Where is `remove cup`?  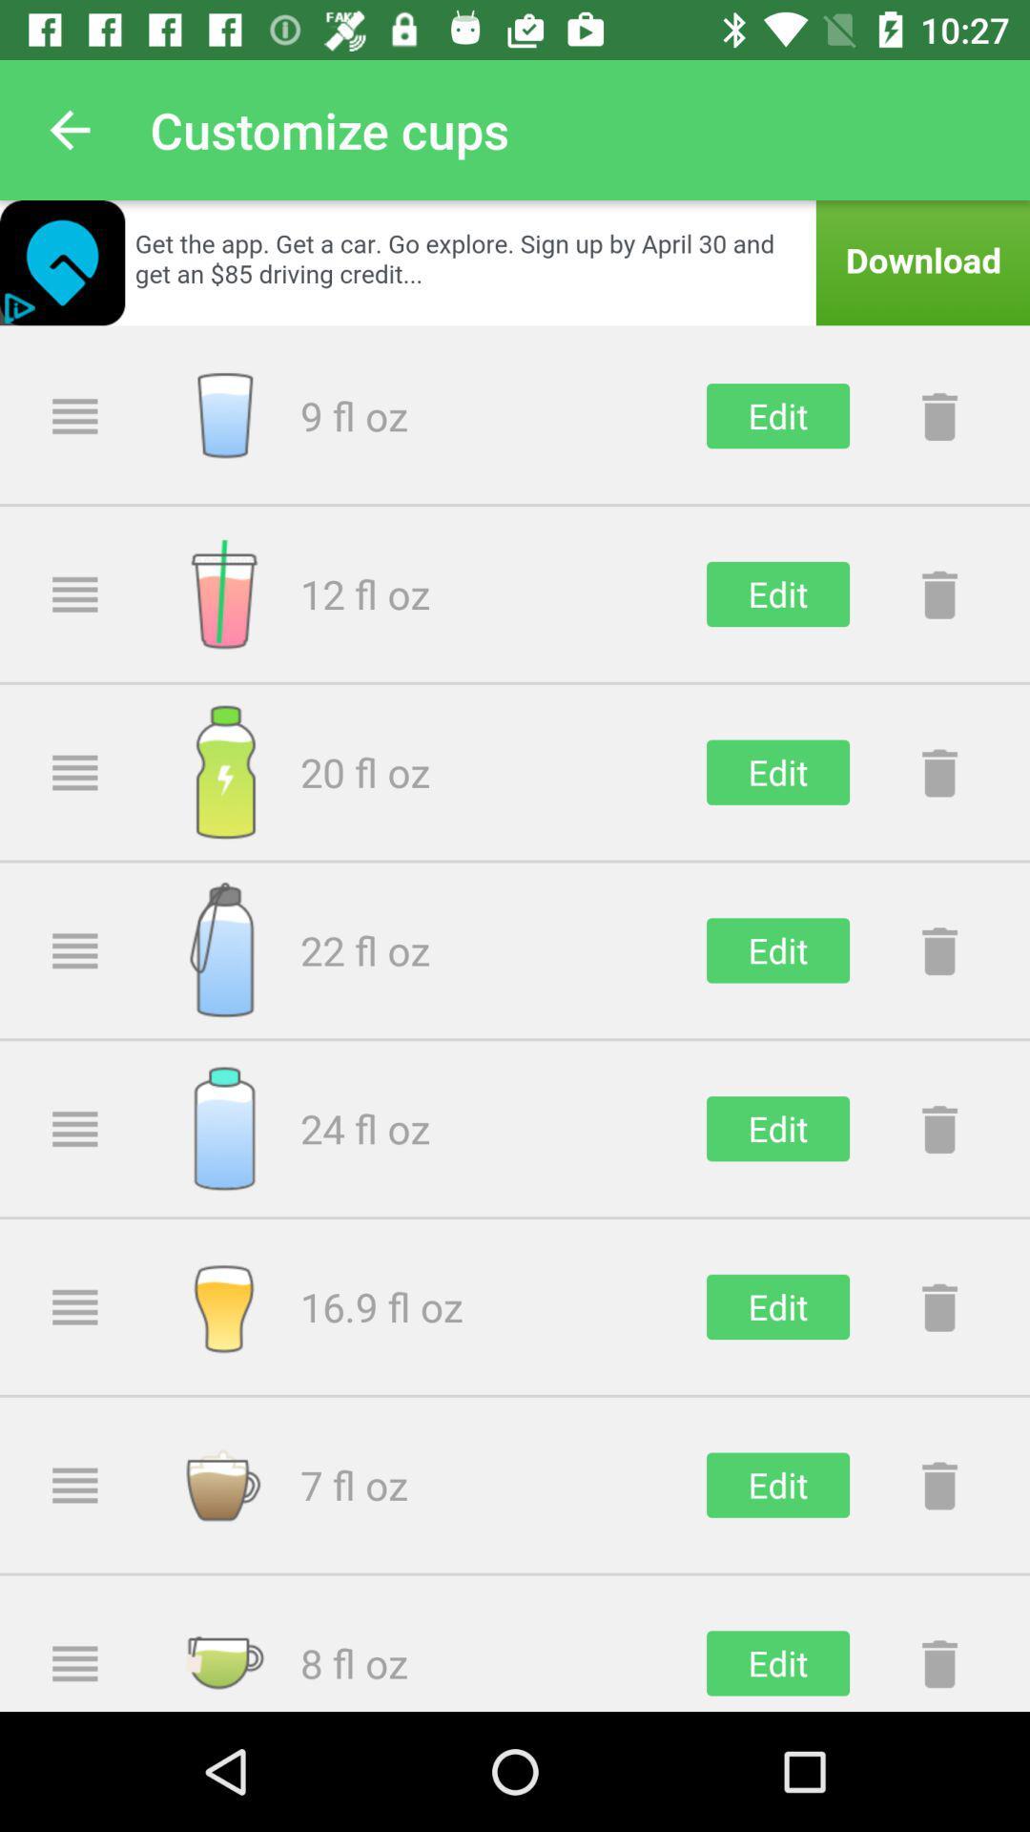
remove cup is located at coordinates (938, 1129).